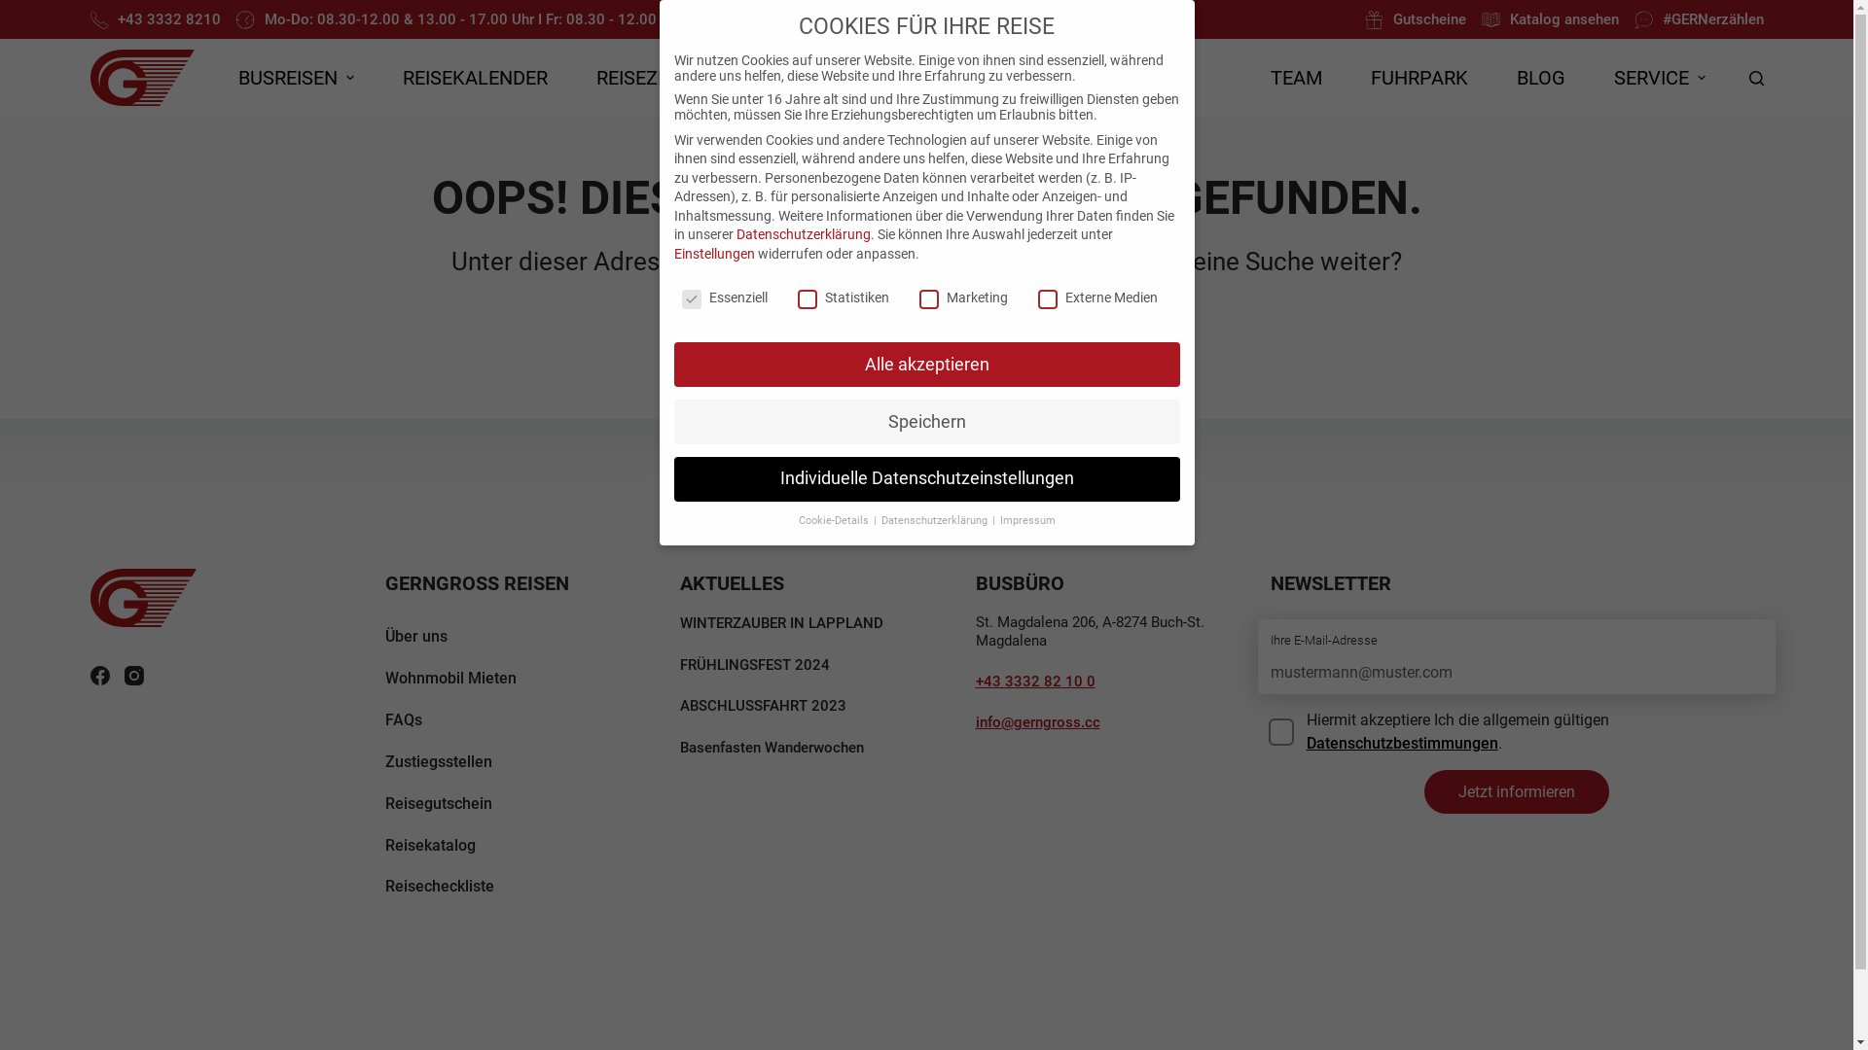 This screenshot has width=1868, height=1050. I want to click on 'FAQs', so click(402, 719).